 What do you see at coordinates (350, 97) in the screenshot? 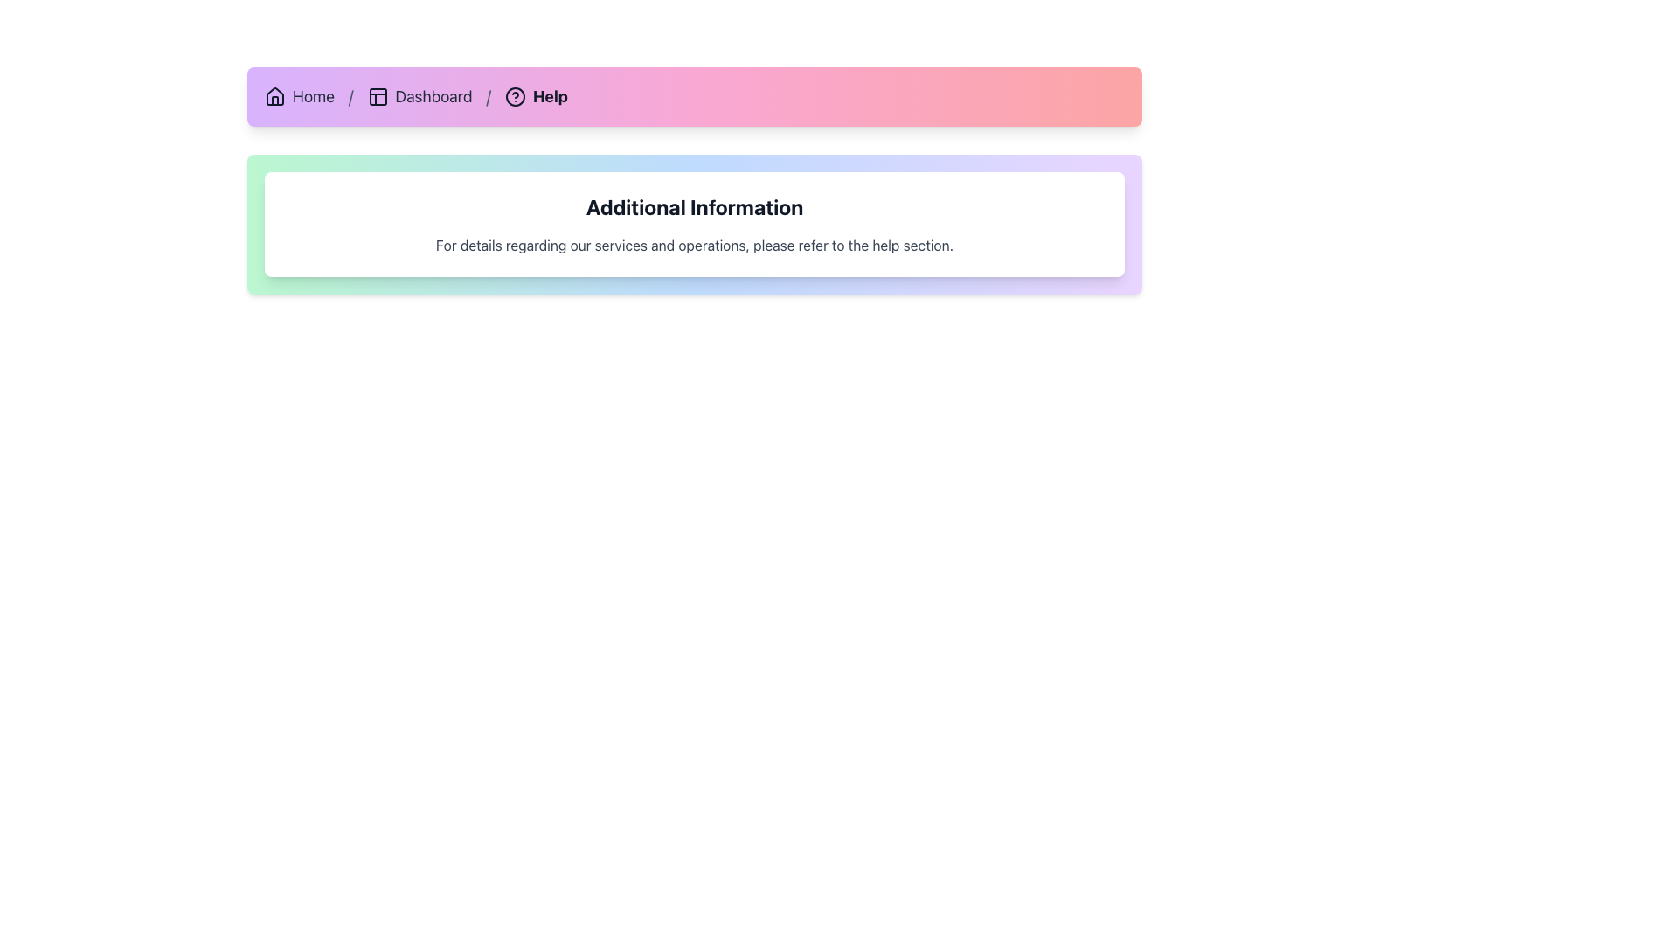
I see `the second forward slash '/' in the breadcrumb navigation bar, which is displayed in gray and positioned between 'Home' and 'Dashboard'` at bounding box center [350, 97].